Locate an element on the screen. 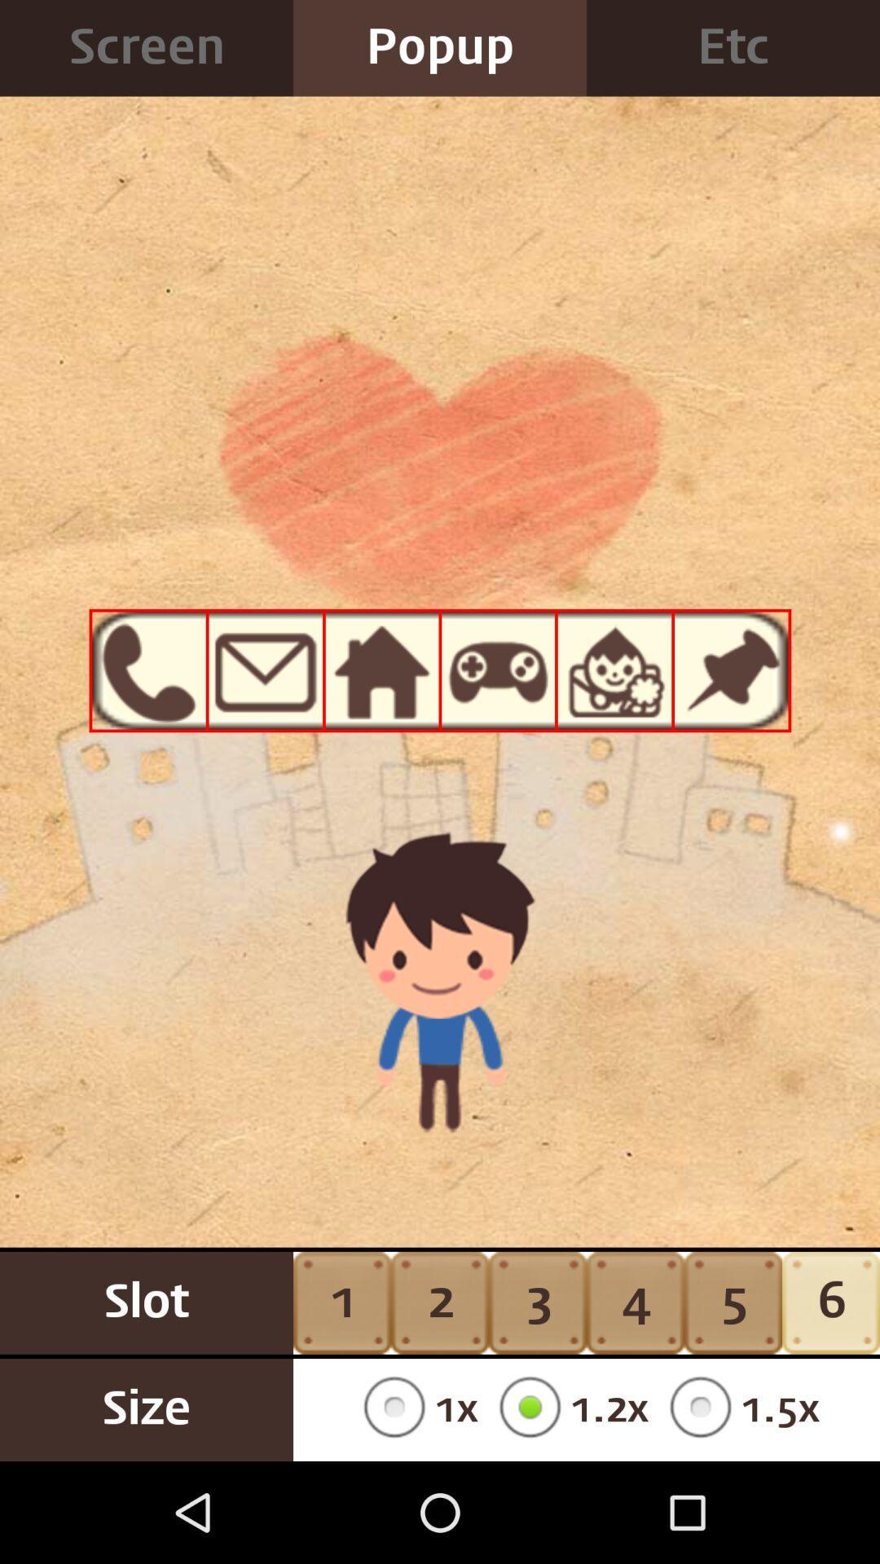  icon to the right of the 5 item is located at coordinates (830, 1302).